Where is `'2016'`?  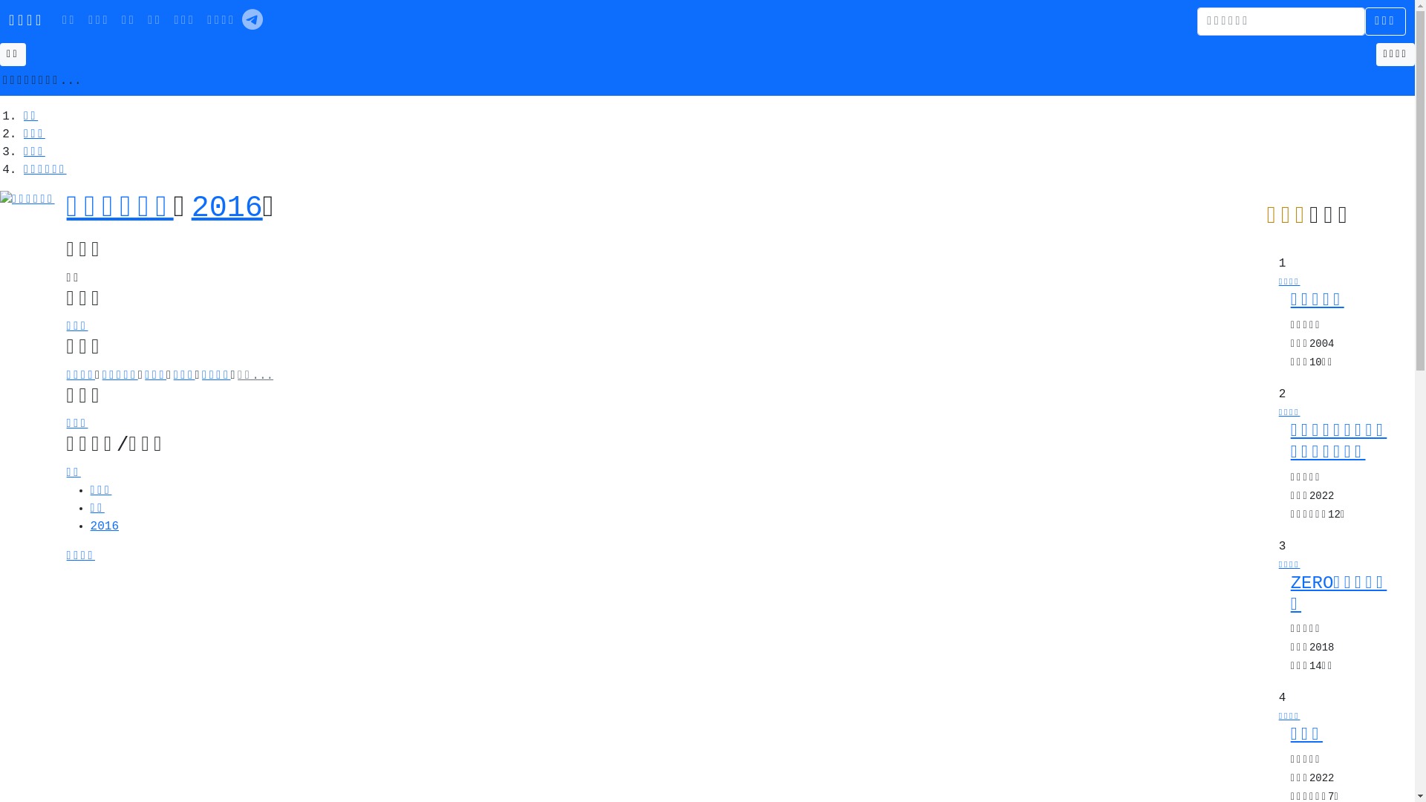 '2016' is located at coordinates (103, 526).